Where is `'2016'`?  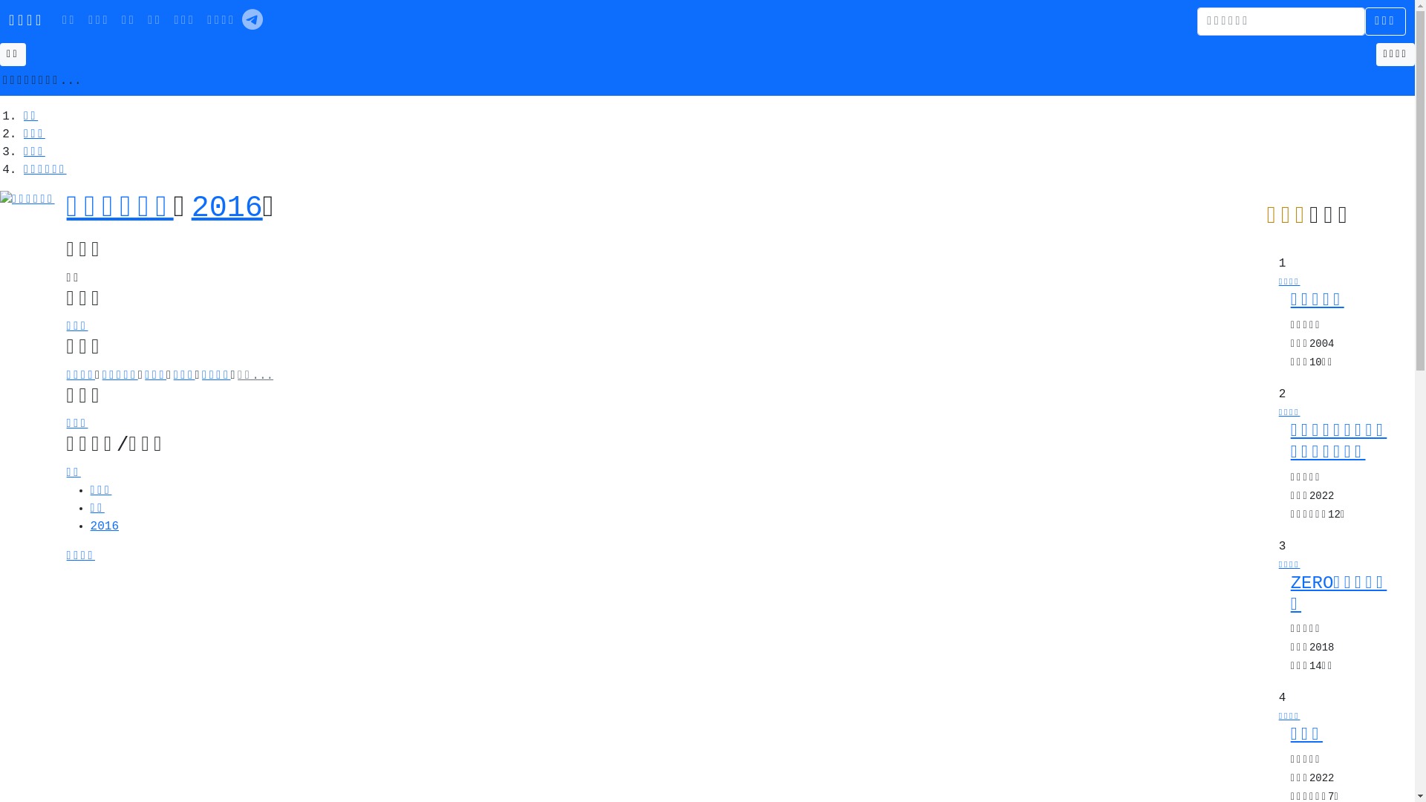 '2016' is located at coordinates (103, 526).